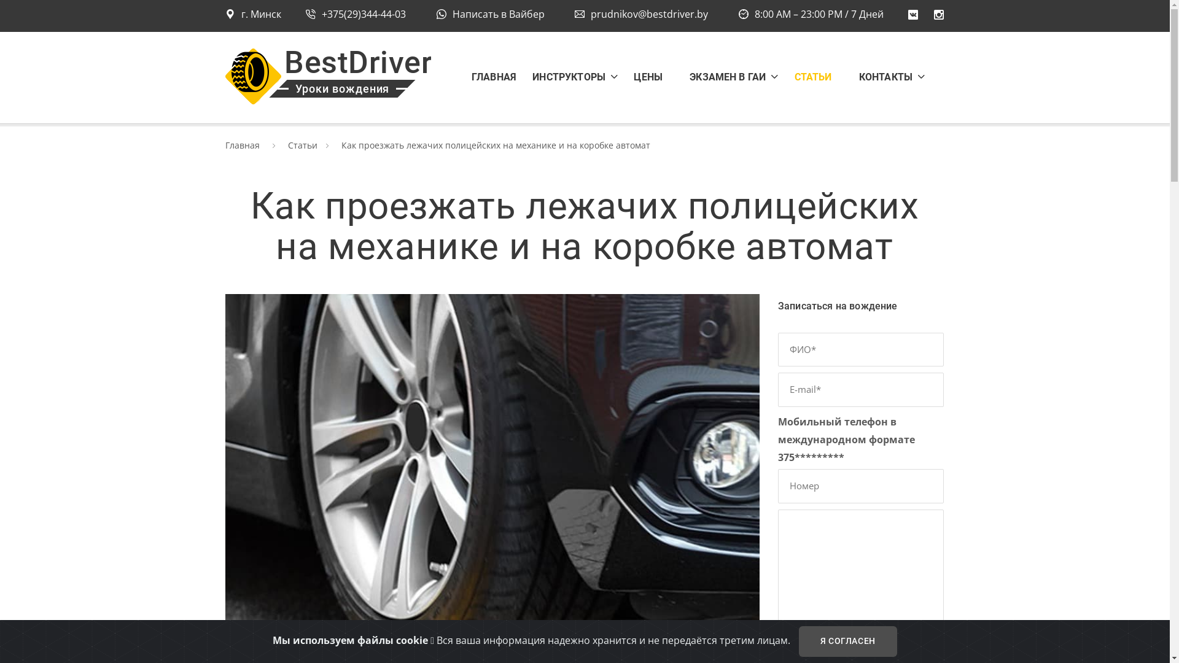  What do you see at coordinates (574, 14) in the screenshot?
I see `'prudnikov@bestdriver.by'` at bounding box center [574, 14].